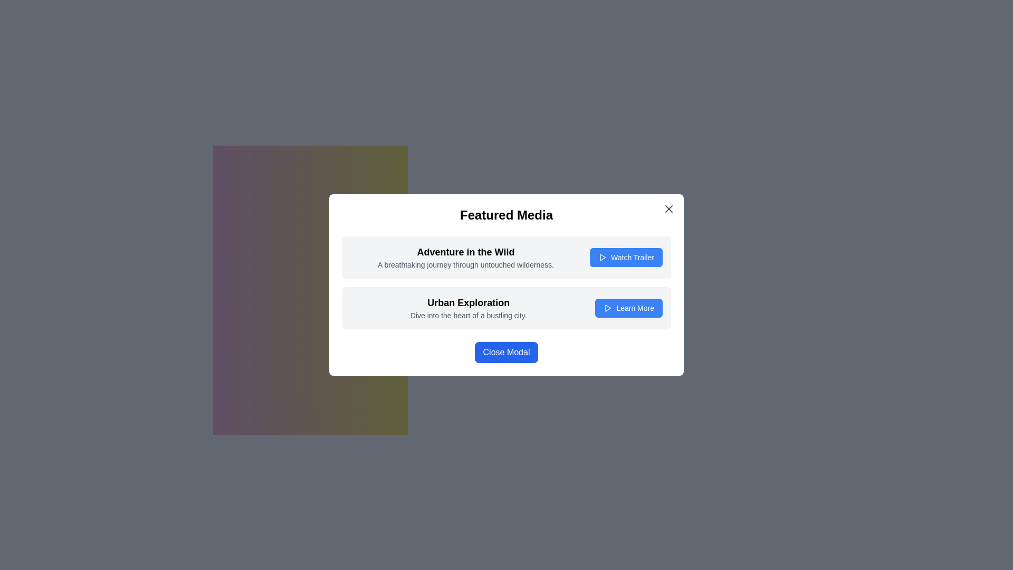  Describe the element at coordinates (635, 308) in the screenshot. I see `the text 'Learn More' displayed in white on a blue background within a rounded rectangular button located at the bottom section of a modal window` at that location.